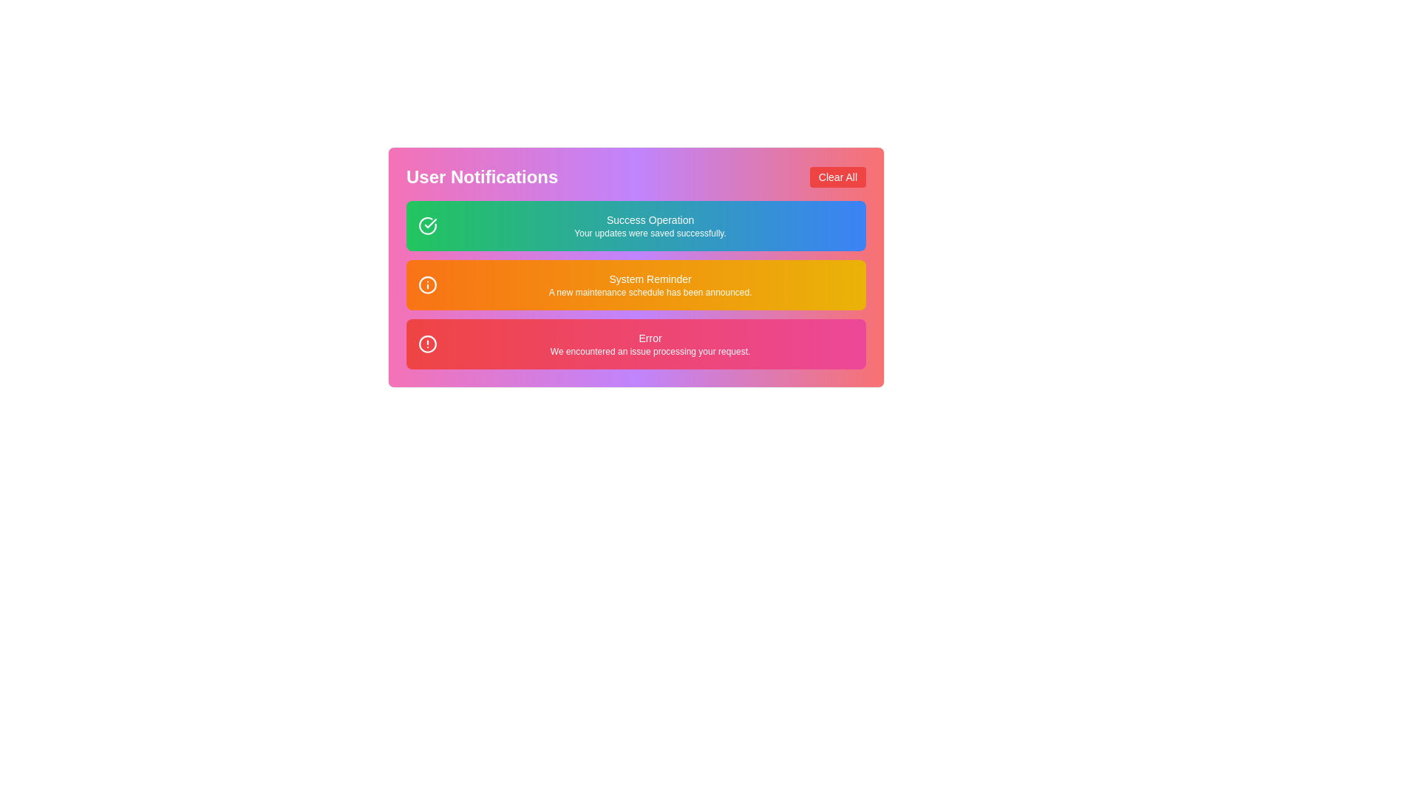  I want to click on static text content that states 'A new maintenance schedule has been announced.', located below the heading 'System Reminder' in the orange-to-yellow gradient panel, so click(650, 293).